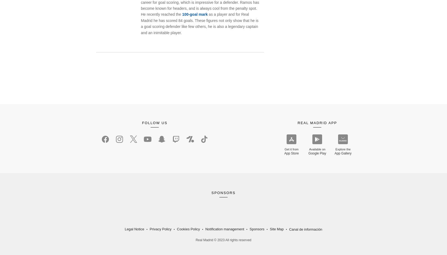  Describe the element at coordinates (291, 153) in the screenshot. I see `'App Store'` at that location.